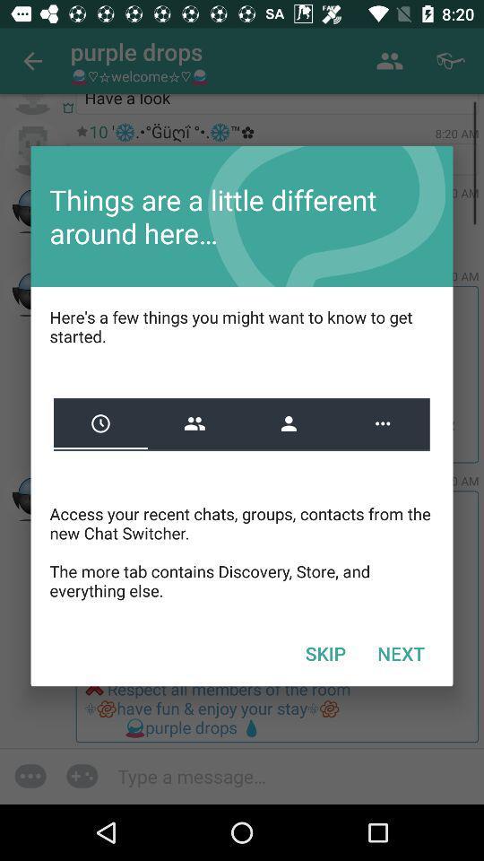  Describe the element at coordinates (324, 652) in the screenshot. I see `the icon next to the next` at that location.